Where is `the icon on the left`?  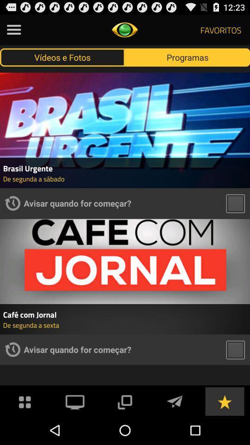 the icon on the left is located at coordinates (12, 203).